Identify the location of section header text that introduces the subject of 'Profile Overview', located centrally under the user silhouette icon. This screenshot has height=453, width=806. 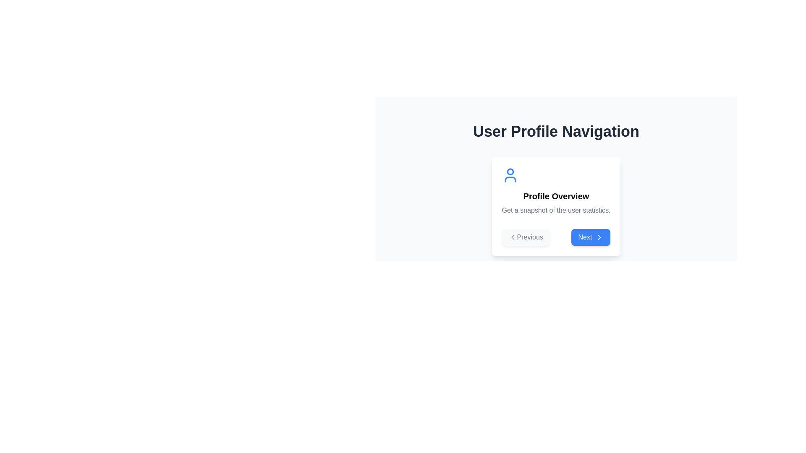
(556, 196).